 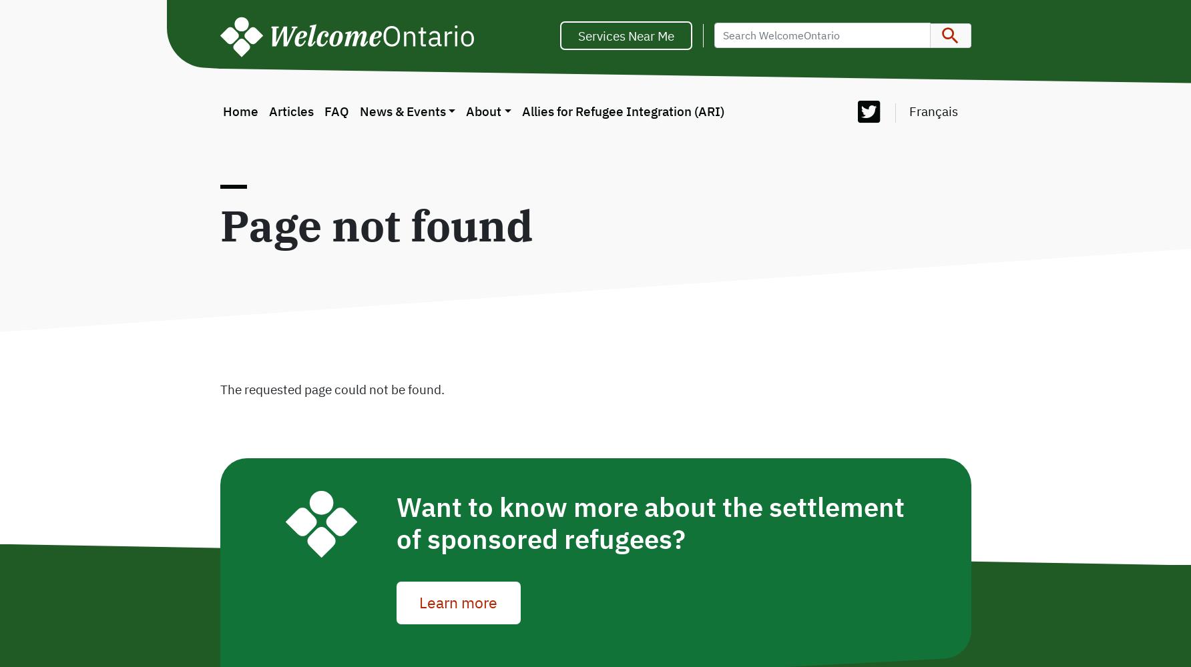 What do you see at coordinates (625, 35) in the screenshot?
I see `'Services Near Me'` at bounding box center [625, 35].